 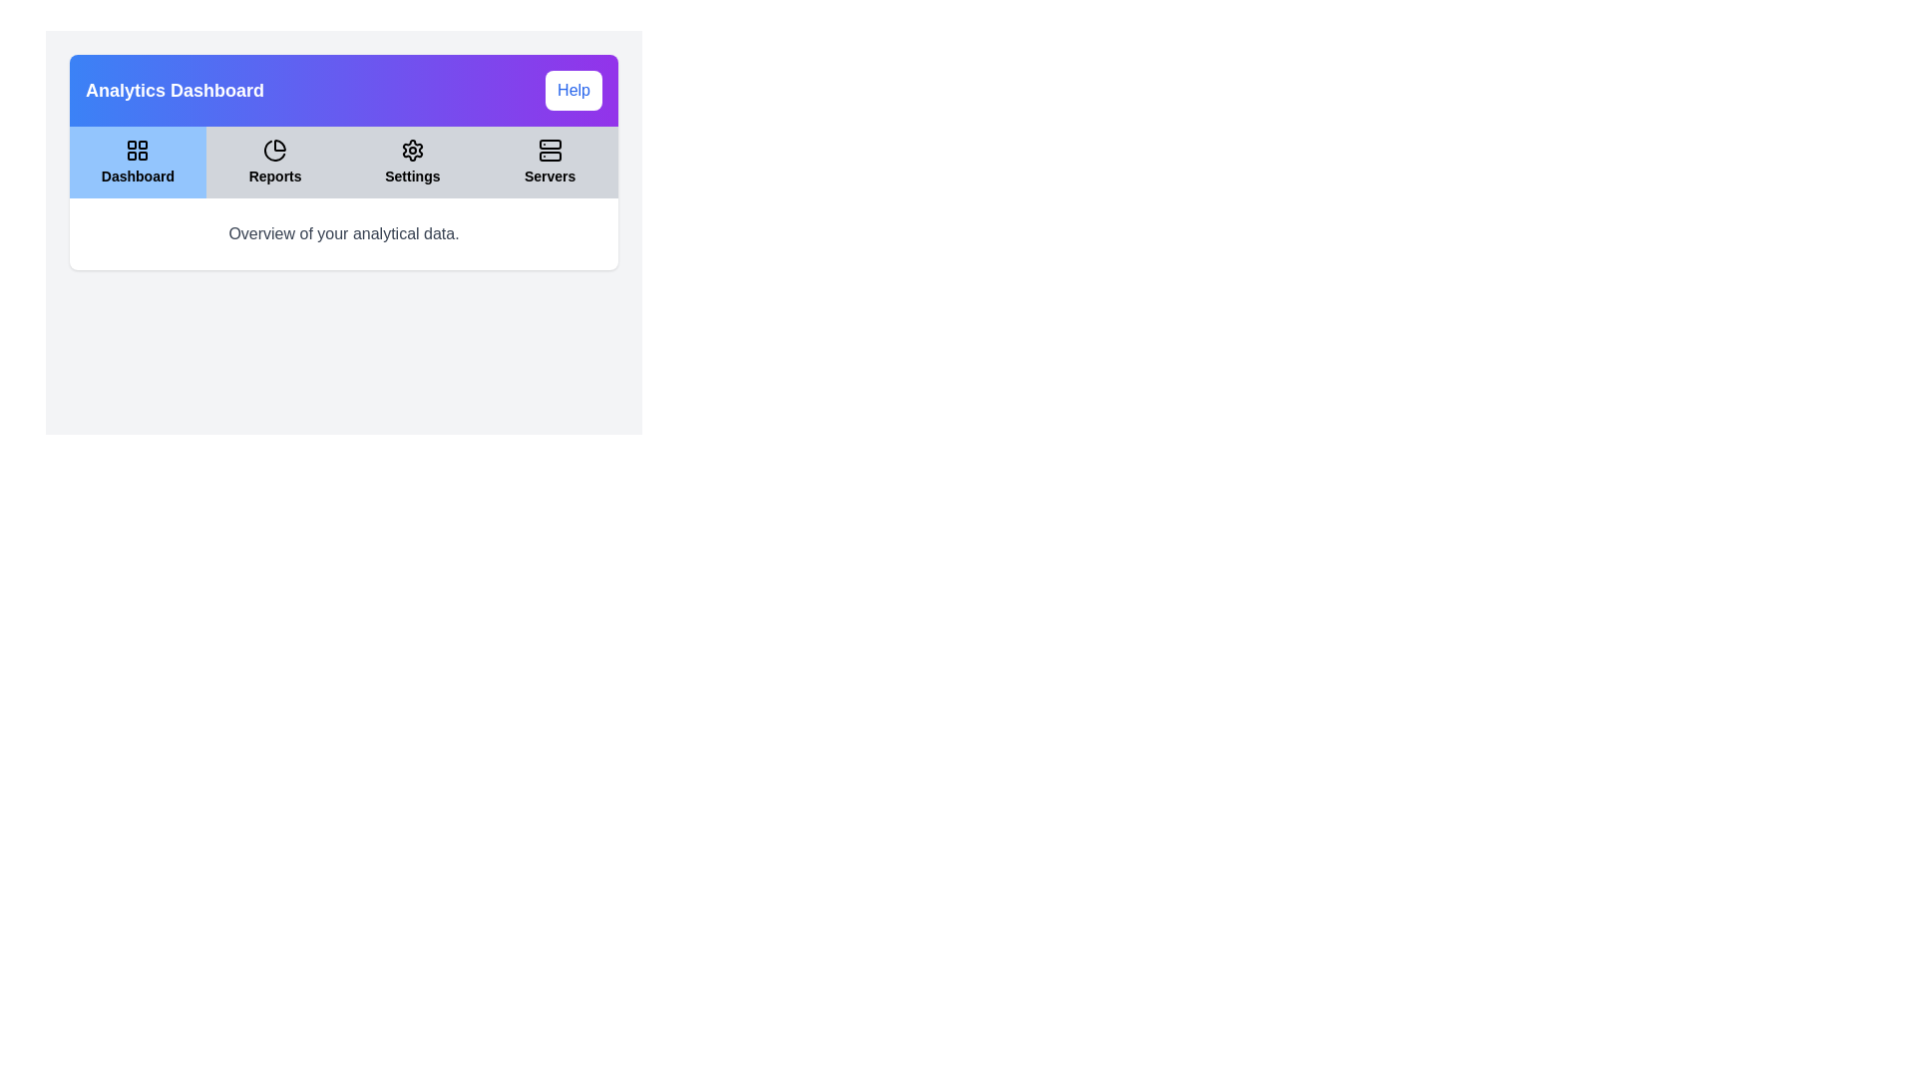 What do you see at coordinates (137, 161) in the screenshot?
I see `the navigational button for the Dashboard section, located at the first position in the horizontal menu bar to activate hover effects` at bounding box center [137, 161].